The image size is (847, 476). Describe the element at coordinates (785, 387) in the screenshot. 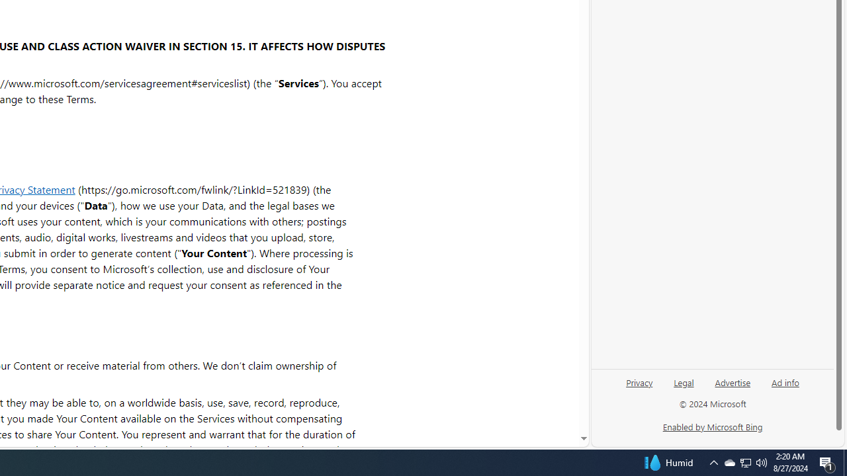

I see `'Ad info'` at that location.